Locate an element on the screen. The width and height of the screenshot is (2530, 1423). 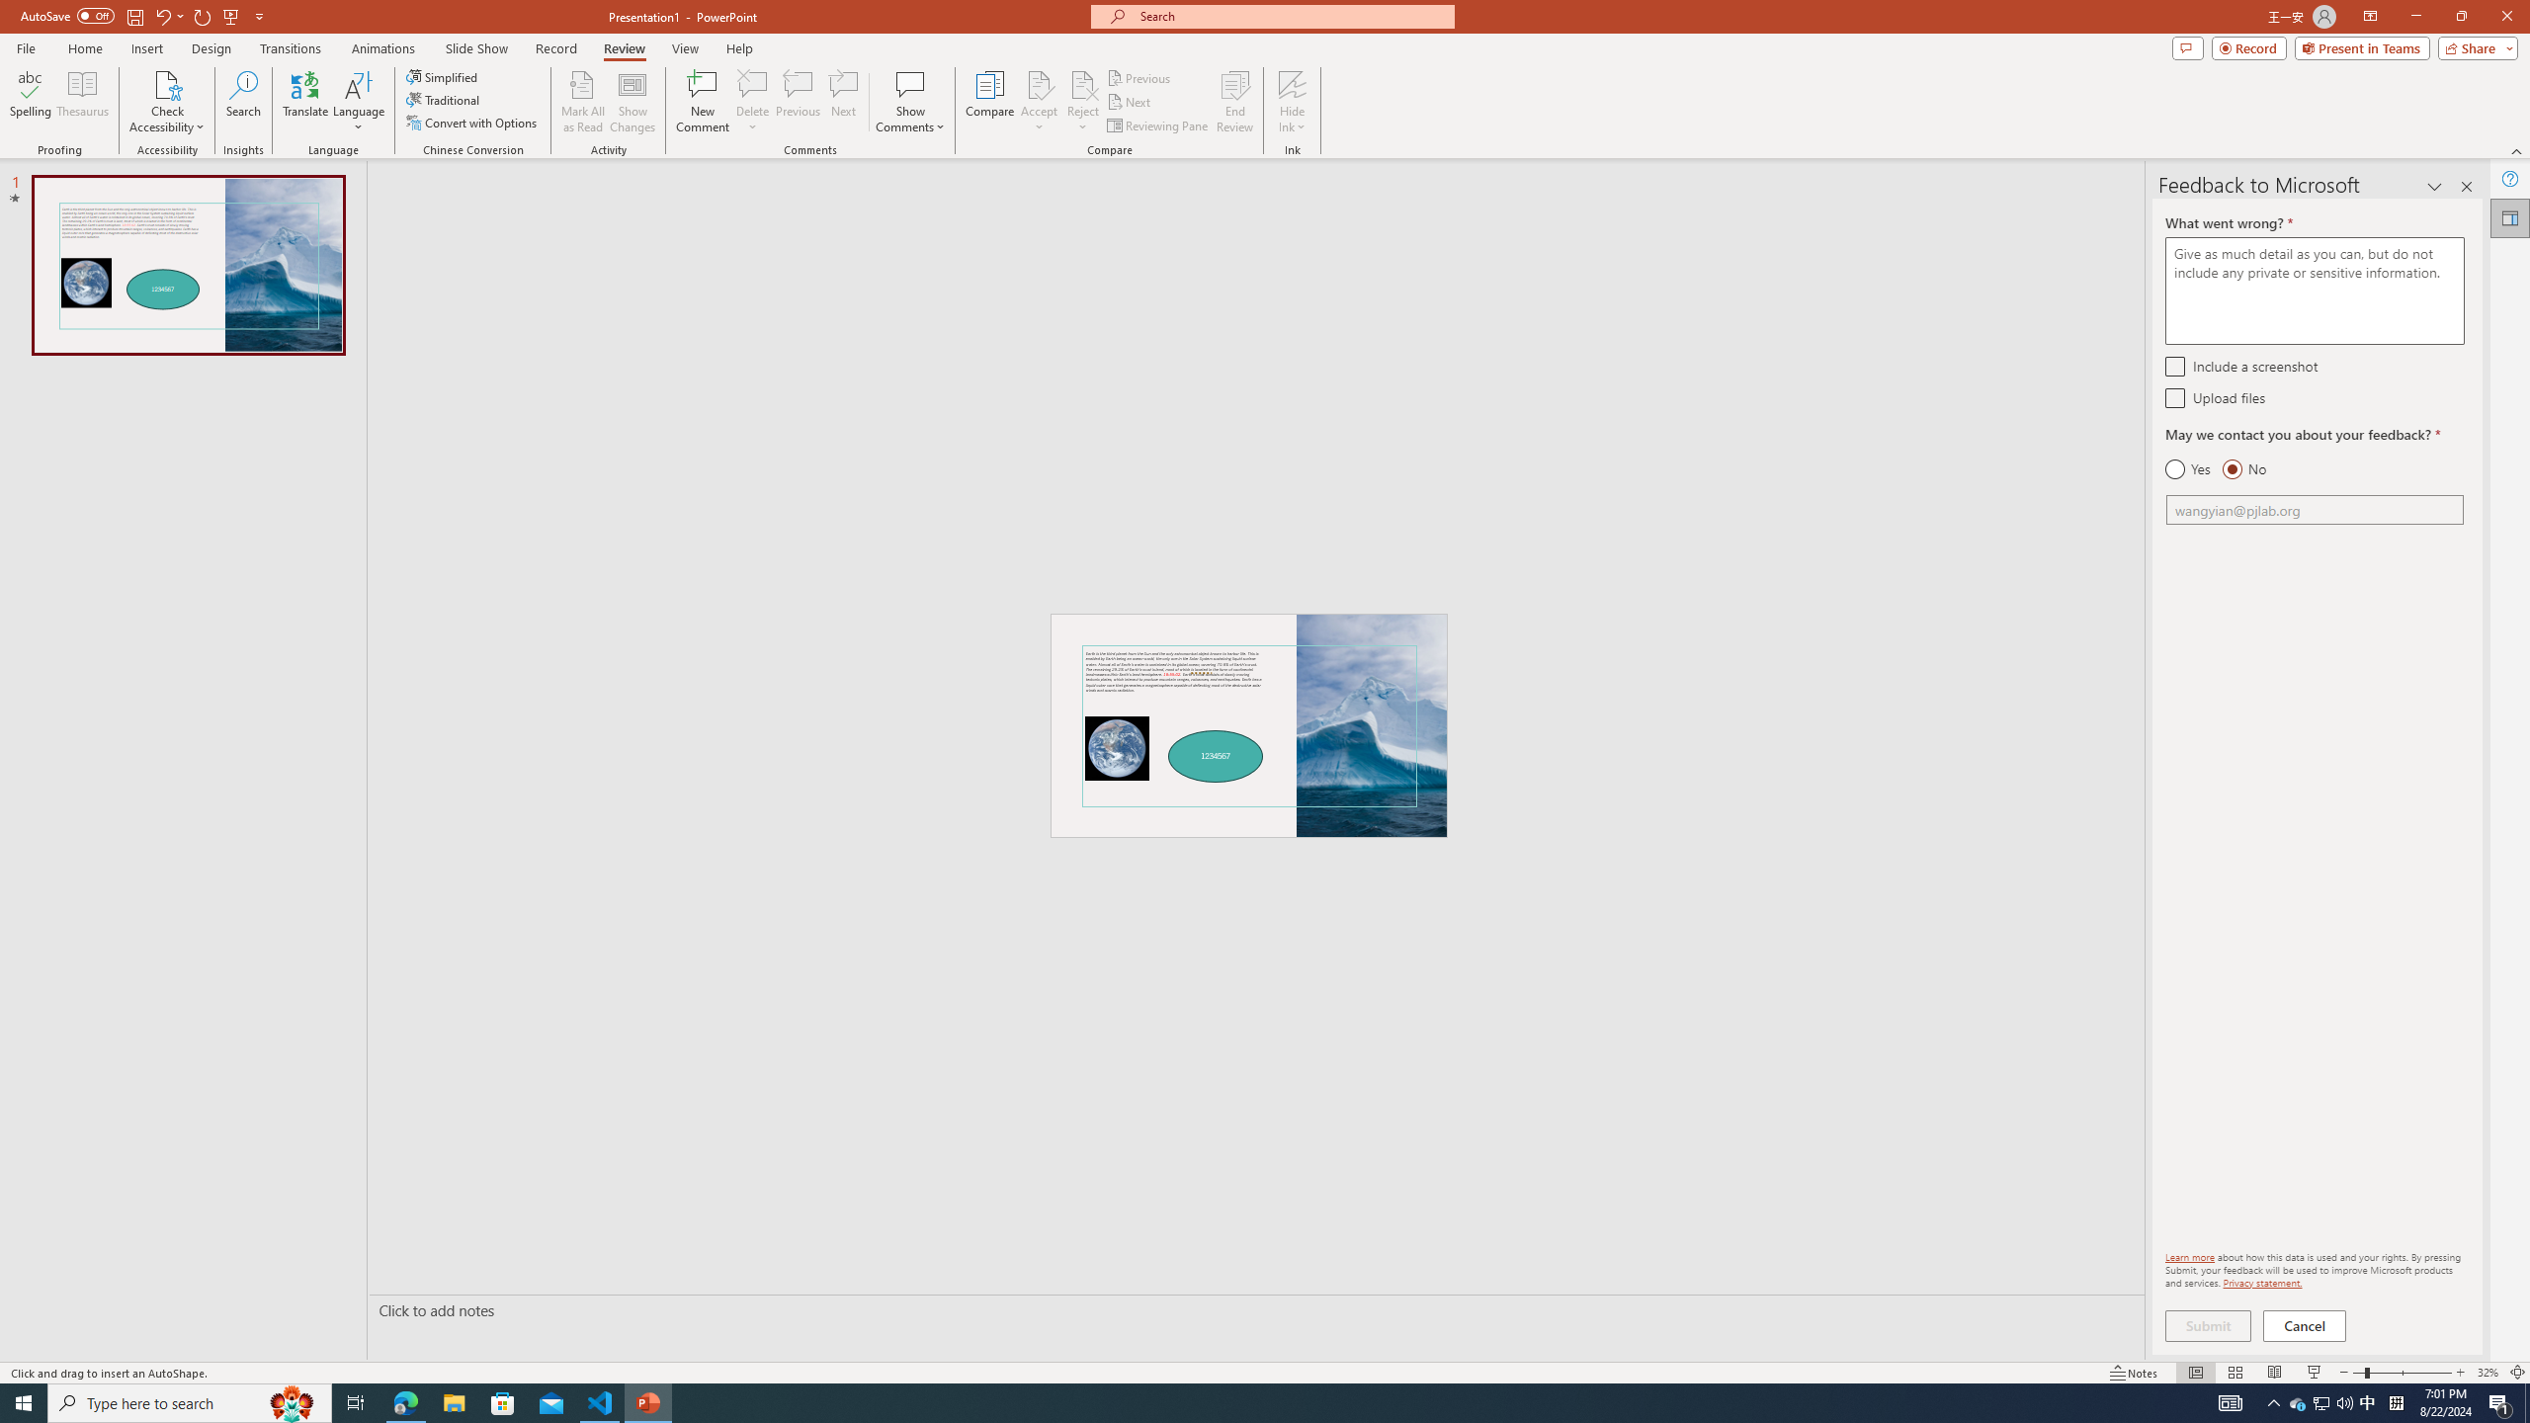
'No' is located at coordinates (2243, 468).